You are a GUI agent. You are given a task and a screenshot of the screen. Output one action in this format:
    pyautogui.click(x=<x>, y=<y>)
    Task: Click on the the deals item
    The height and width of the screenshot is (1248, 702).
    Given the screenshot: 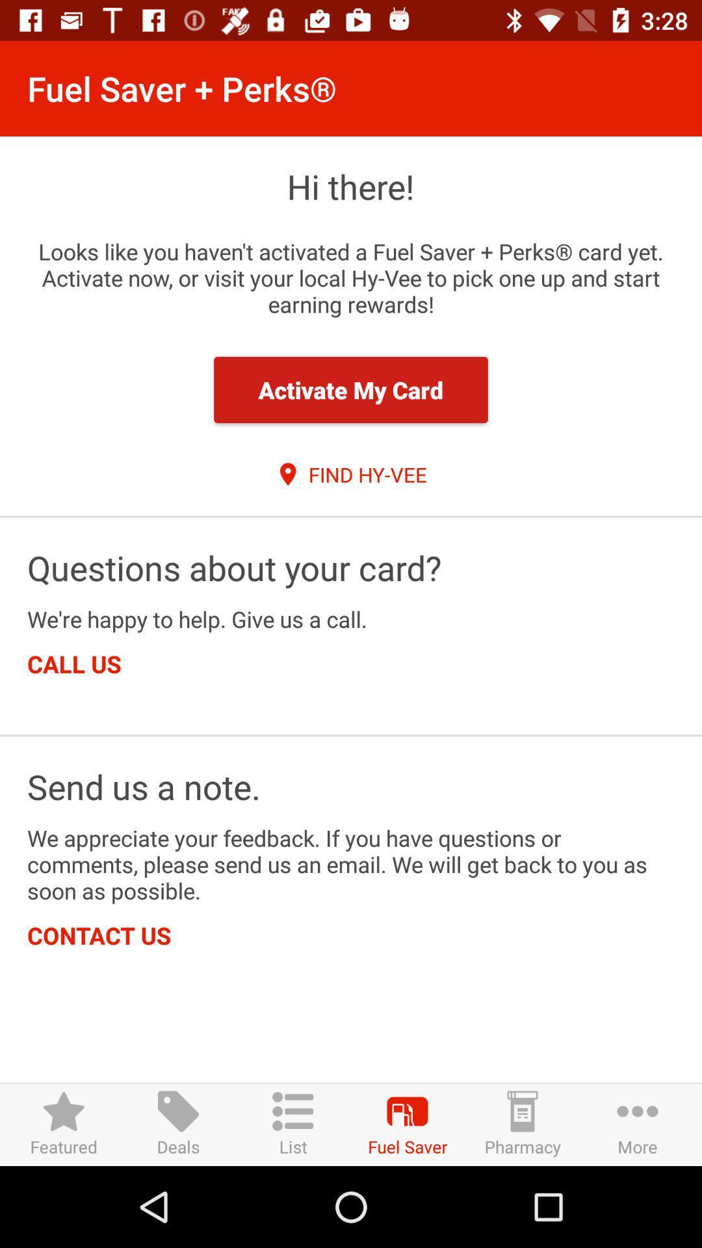 What is the action you would take?
    pyautogui.click(x=178, y=1124)
    